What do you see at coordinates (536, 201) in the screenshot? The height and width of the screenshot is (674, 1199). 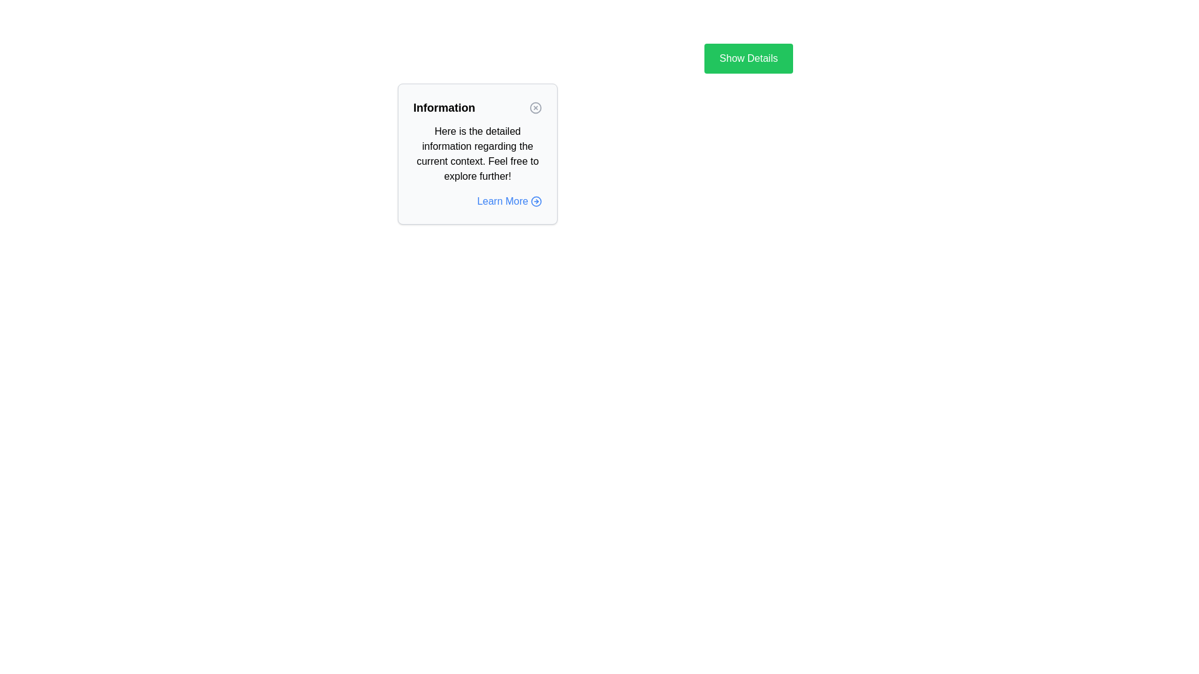 I see `the navigation icon located at the right end of the 'Learn More' text link in the lower section of the informational card` at bounding box center [536, 201].